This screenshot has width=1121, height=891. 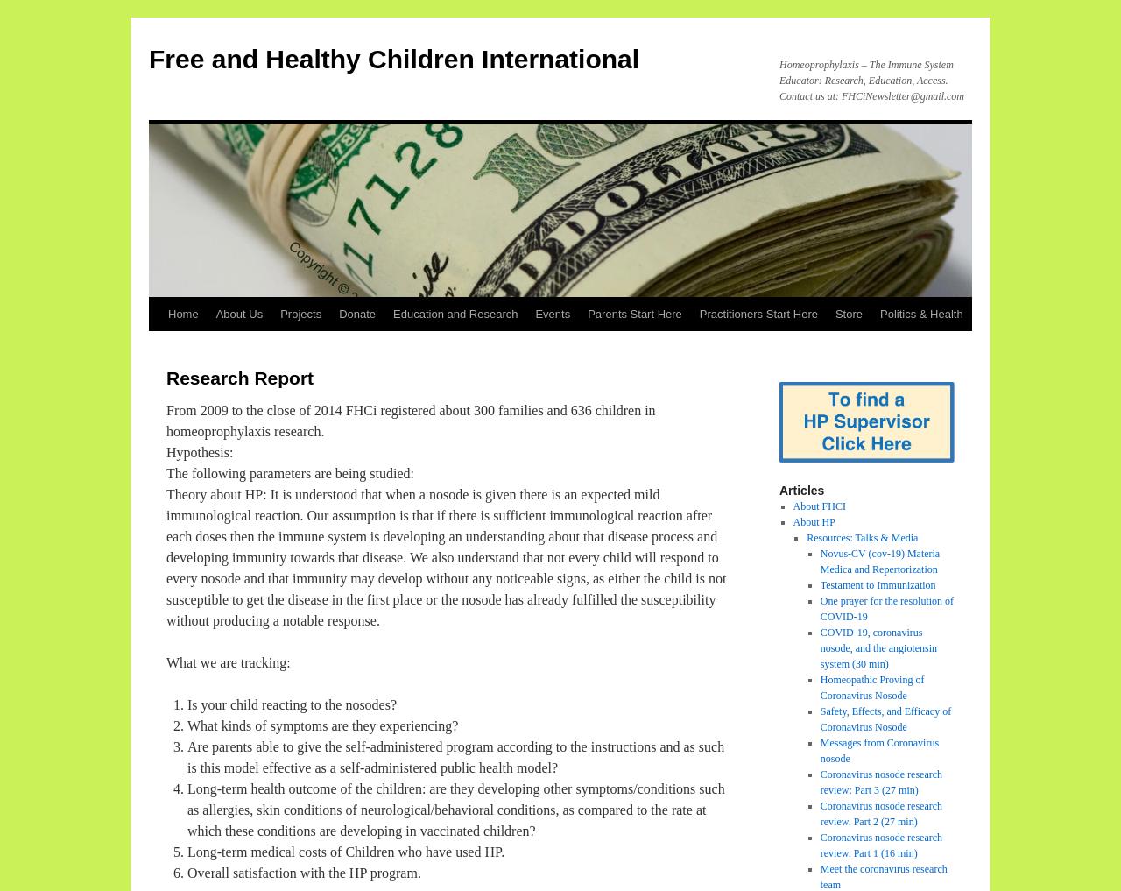 What do you see at coordinates (885, 718) in the screenshot?
I see `'Safety, Effects, and Efficacy of Coronavirus Nosode'` at bounding box center [885, 718].